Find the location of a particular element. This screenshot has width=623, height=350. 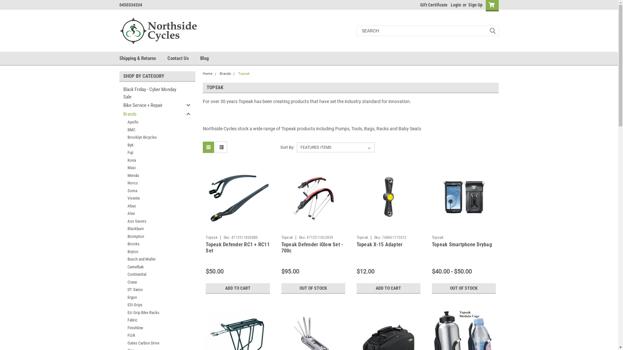

'Alex' is located at coordinates (119, 214).